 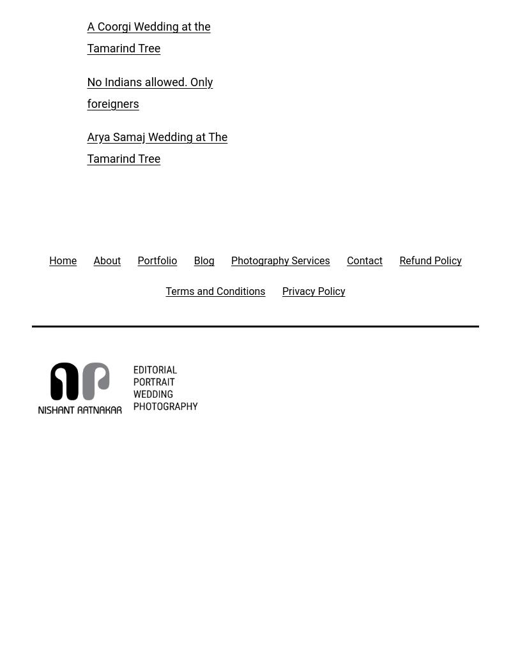 What do you see at coordinates (346, 260) in the screenshot?
I see `'Contact'` at bounding box center [346, 260].